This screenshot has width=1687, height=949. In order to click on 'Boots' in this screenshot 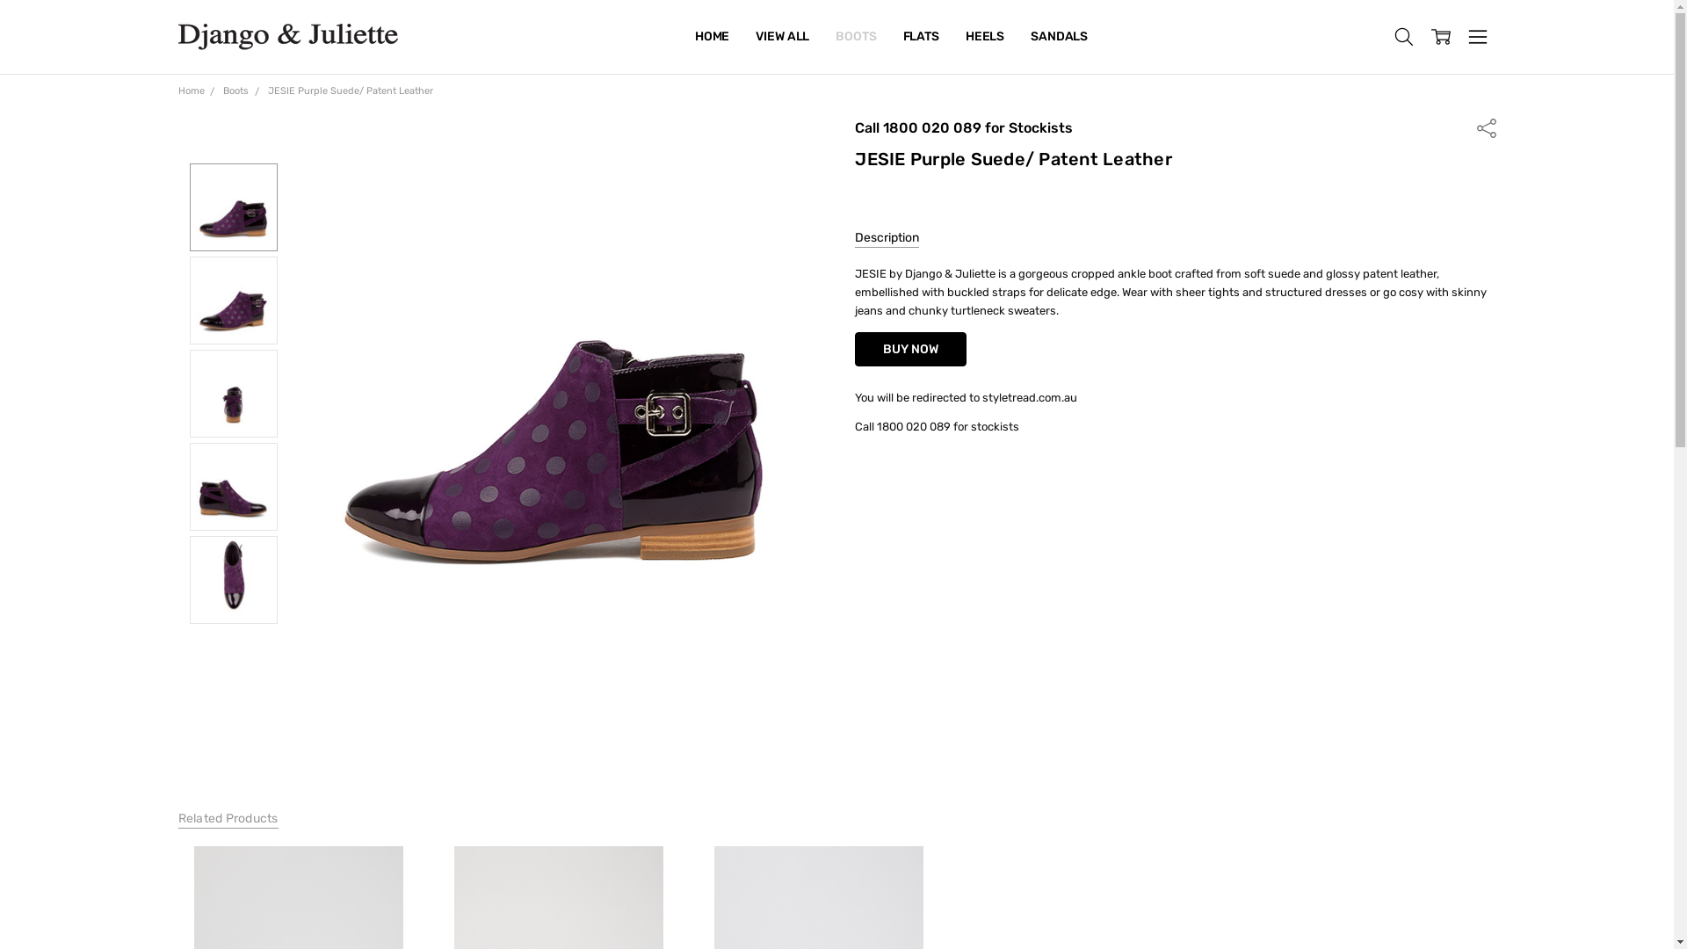, I will do `click(235, 91)`.